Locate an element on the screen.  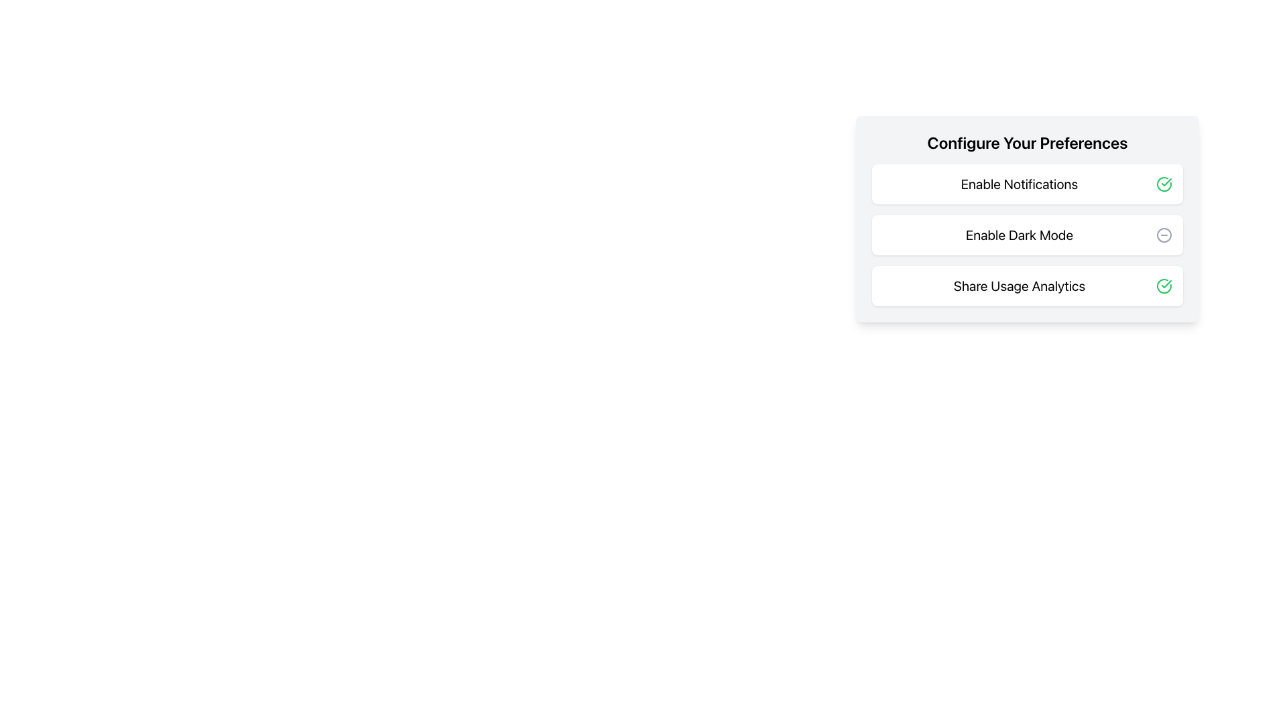
the circular gray outlined icon with a horizontal minus sign in the center, located to the right of the 'Enable Dark Mode' option is located at coordinates (1164, 235).